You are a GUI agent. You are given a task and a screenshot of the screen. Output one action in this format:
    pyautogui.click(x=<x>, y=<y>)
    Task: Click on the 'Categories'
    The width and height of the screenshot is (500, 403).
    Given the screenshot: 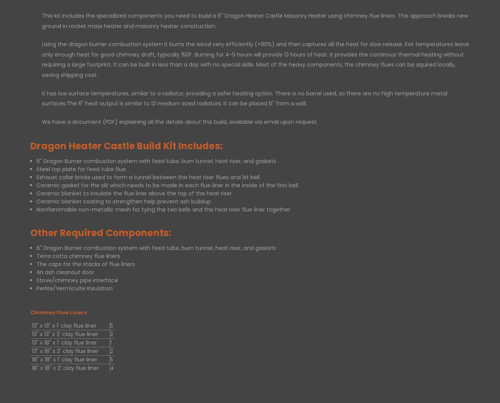 What is the action you would take?
    pyautogui.click(x=162, y=188)
    